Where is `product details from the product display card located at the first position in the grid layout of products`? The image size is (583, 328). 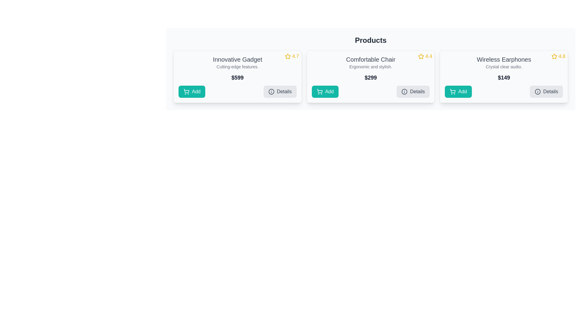
product details from the product display card located at the first position in the grid layout of products is located at coordinates (237, 76).